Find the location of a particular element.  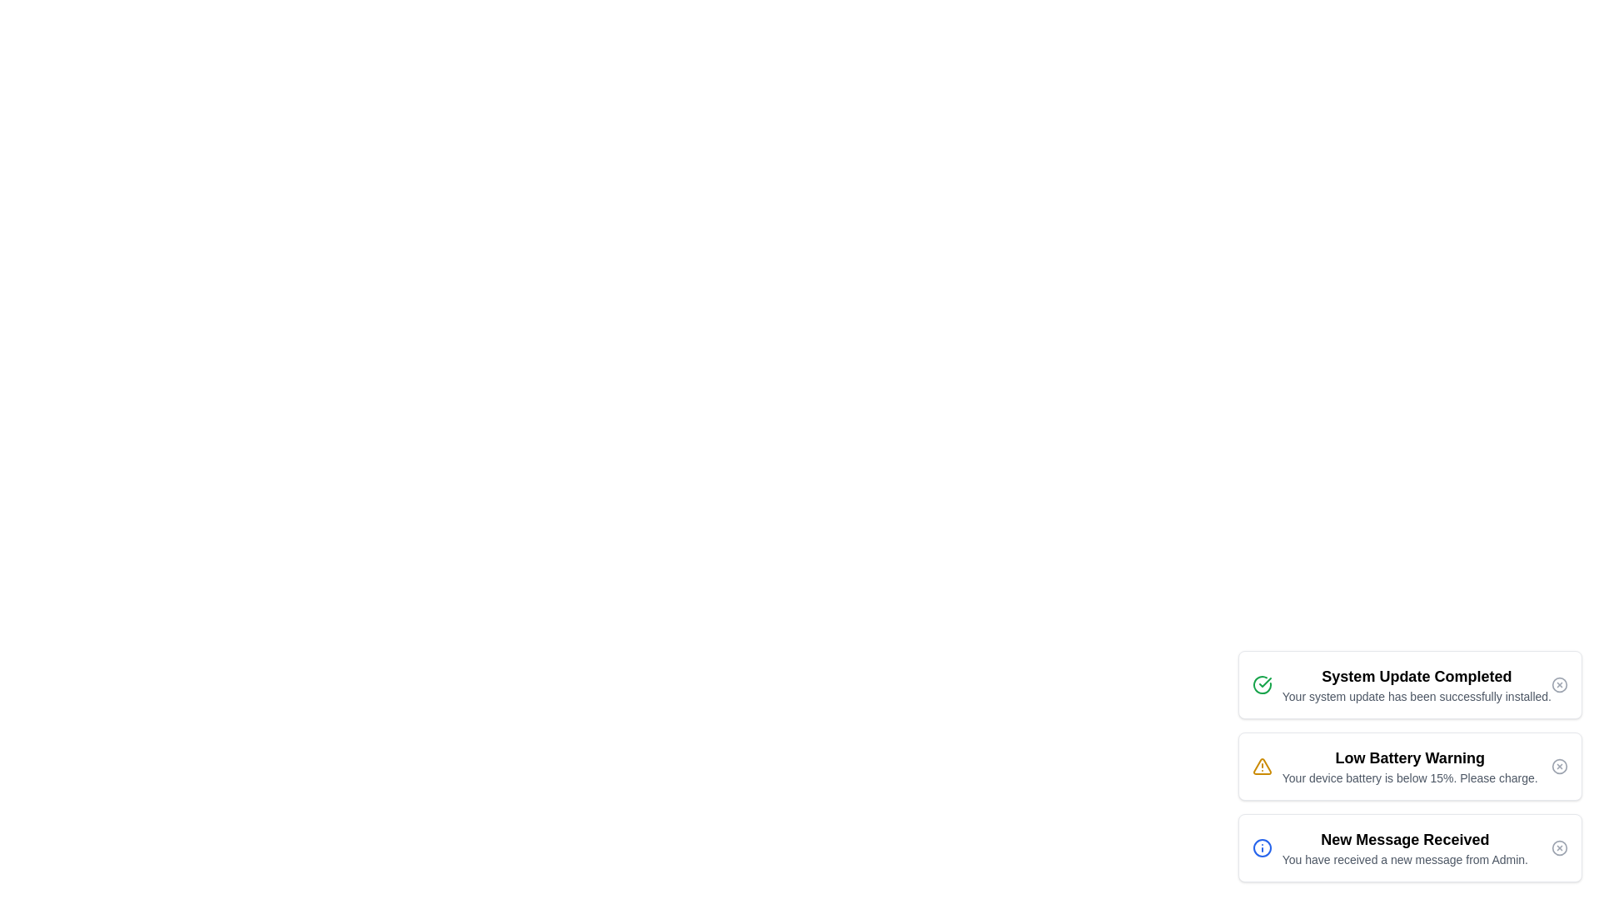

the second text line in the notification box titled 'New Message Received' that conveys details about the new message received is located at coordinates (1404, 860).